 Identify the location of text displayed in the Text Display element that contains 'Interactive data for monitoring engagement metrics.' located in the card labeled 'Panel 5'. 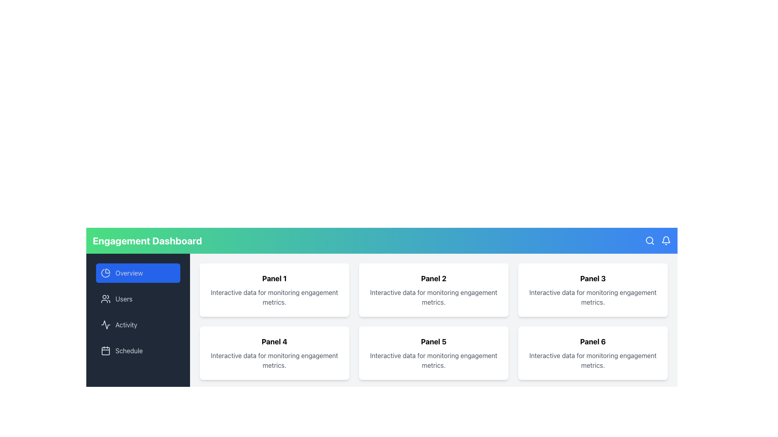
(433, 360).